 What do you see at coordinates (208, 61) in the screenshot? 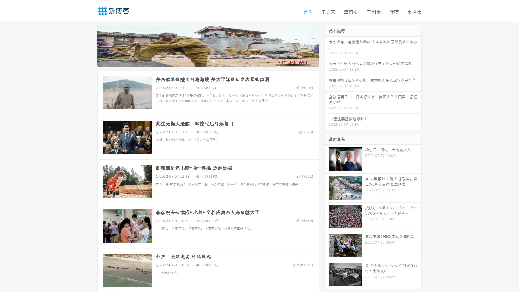
I see `Go to slide 2` at bounding box center [208, 61].